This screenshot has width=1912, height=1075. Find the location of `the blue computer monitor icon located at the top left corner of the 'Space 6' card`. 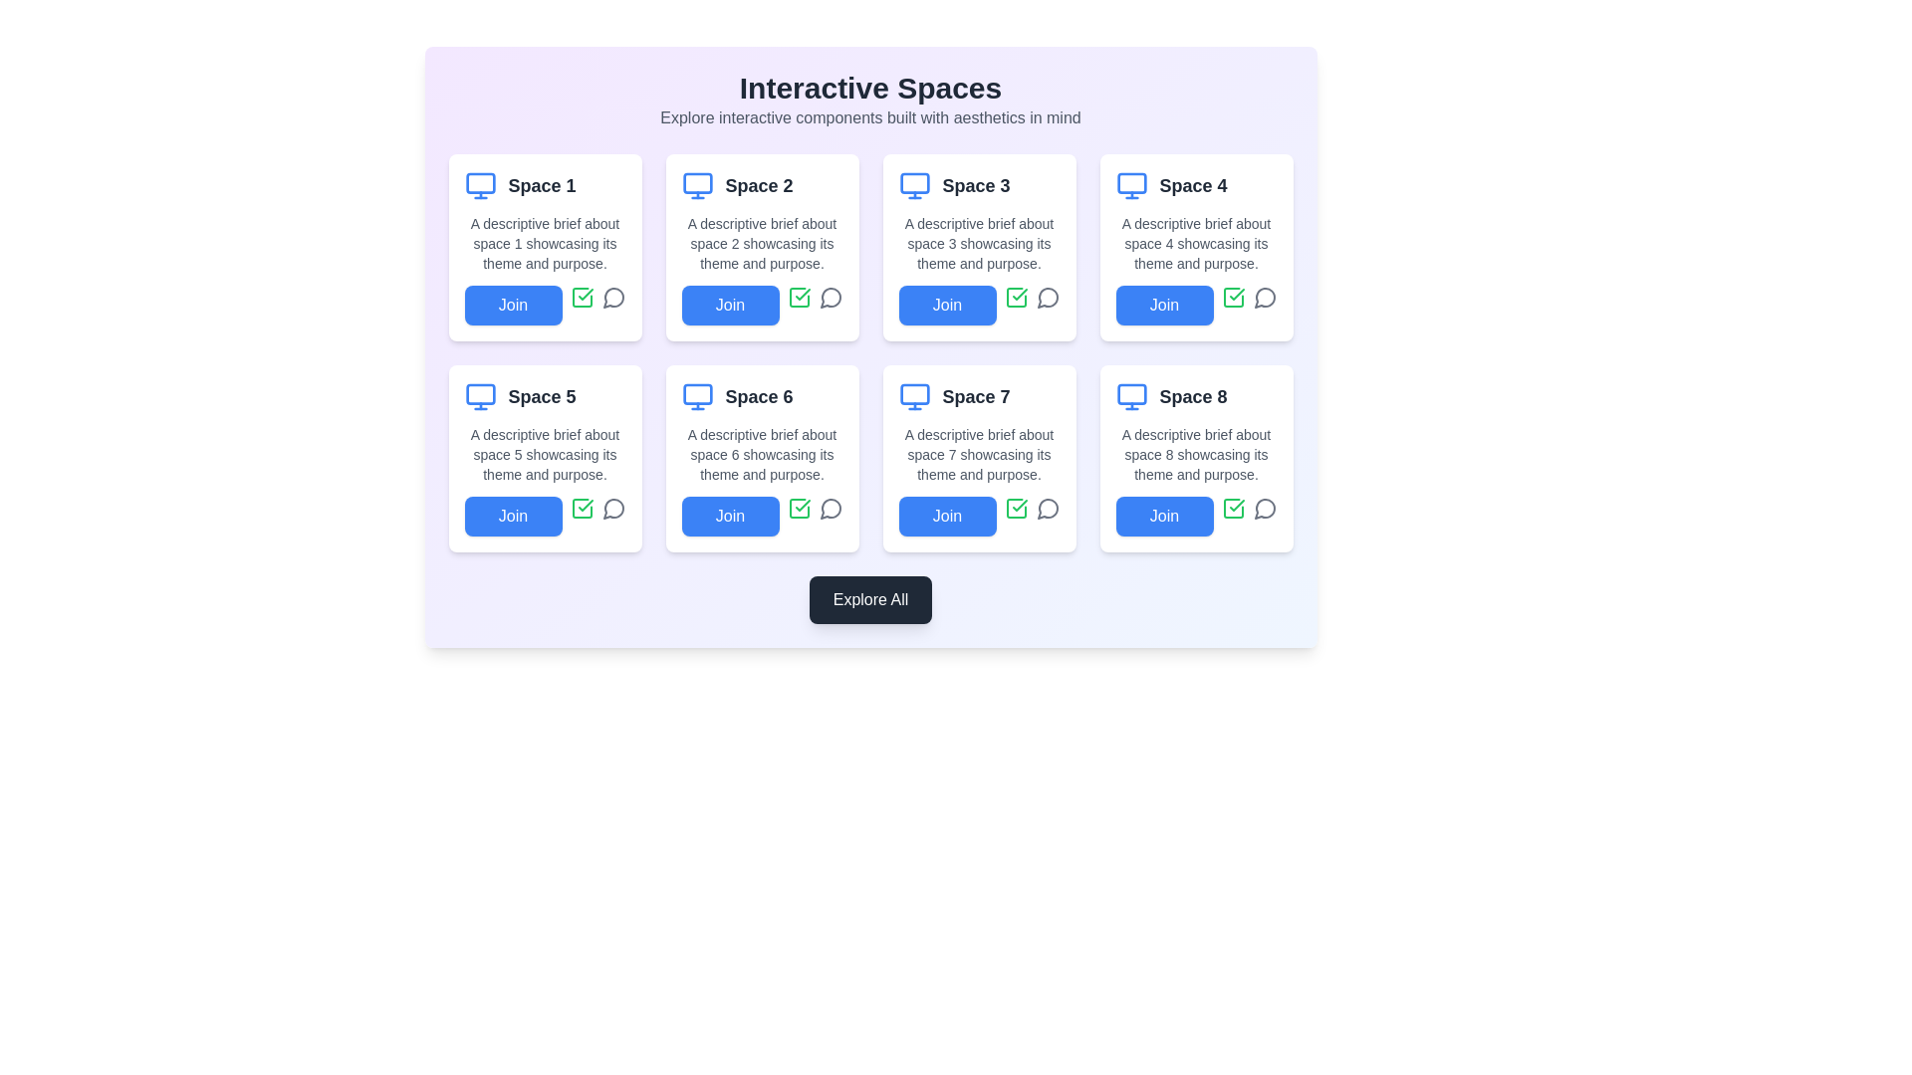

the blue computer monitor icon located at the top left corner of the 'Space 6' card is located at coordinates (697, 396).